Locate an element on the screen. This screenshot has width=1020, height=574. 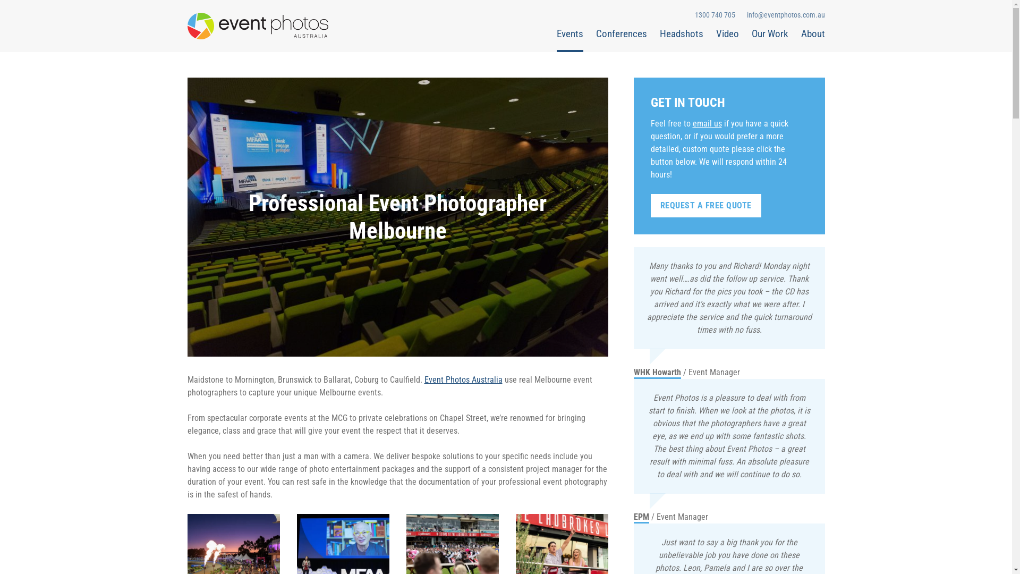
'Events' is located at coordinates (556, 38).